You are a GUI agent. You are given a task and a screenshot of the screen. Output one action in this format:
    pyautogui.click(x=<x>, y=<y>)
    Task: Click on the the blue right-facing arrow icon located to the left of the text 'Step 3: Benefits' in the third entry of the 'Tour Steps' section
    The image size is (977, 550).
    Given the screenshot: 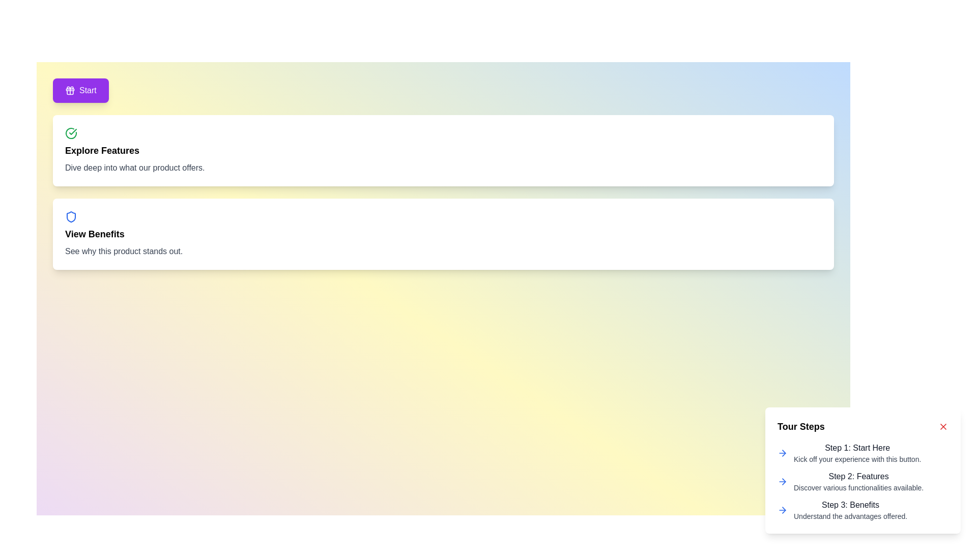 What is the action you would take?
    pyautogui.click(x=782, y=510)
    